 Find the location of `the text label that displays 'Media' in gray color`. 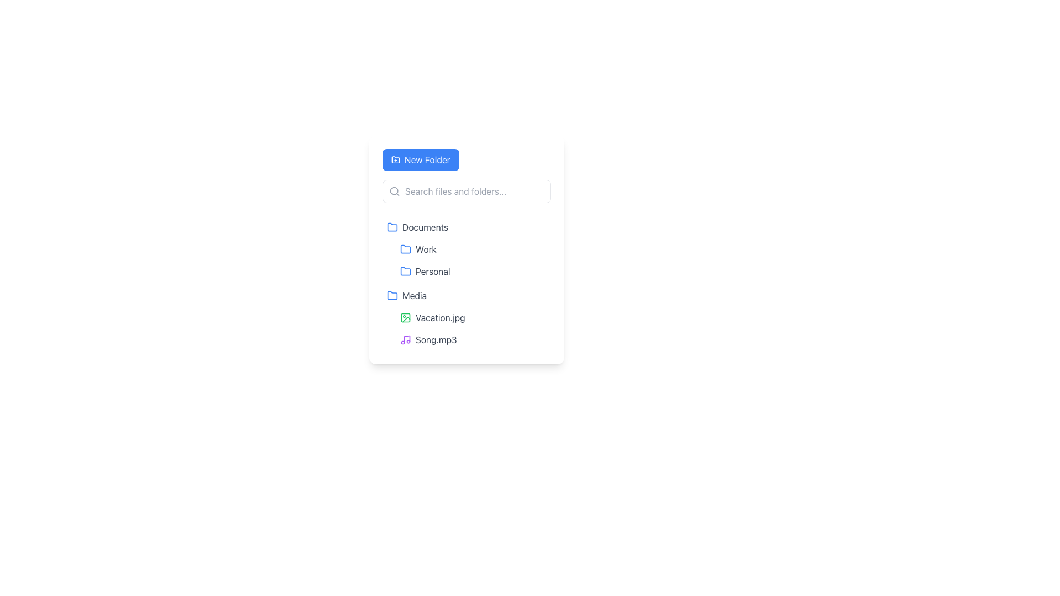

the text label that displays 'Media' in gray color is located at coordinates (414, 295).